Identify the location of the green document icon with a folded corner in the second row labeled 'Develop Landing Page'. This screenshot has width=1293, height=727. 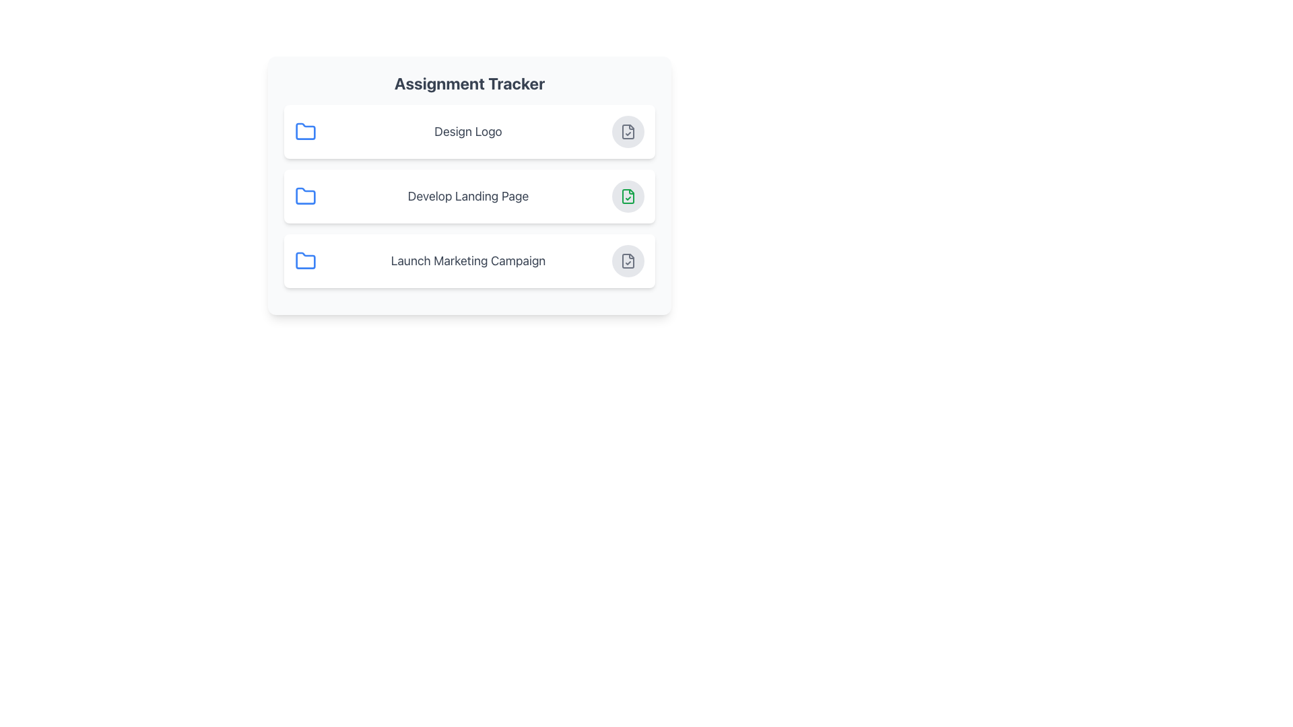
(627, 197).